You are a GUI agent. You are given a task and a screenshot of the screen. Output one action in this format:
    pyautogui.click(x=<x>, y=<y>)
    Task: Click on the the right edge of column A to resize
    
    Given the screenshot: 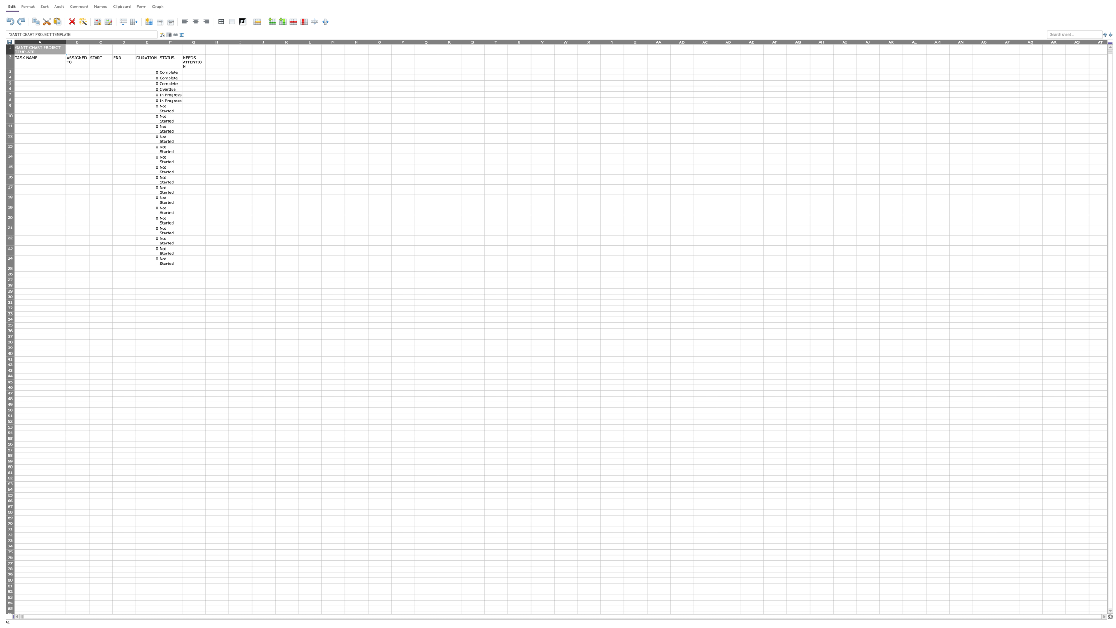 What is the action you would take?
    pyautogui.click(x=65, y=41)
    